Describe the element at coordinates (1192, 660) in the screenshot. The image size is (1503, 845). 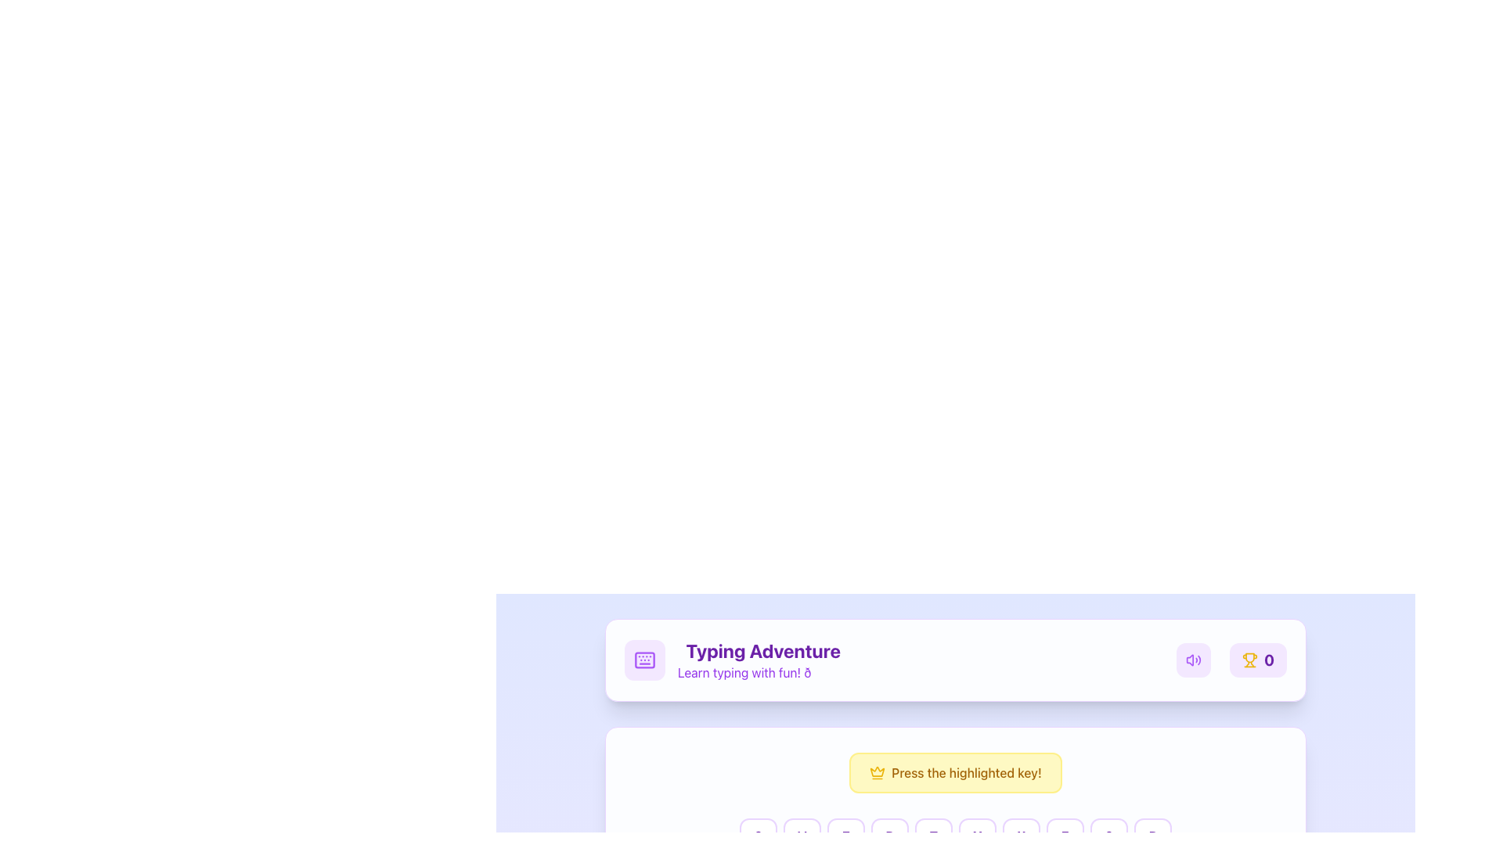
I see `the circular purple icon button representing a speaker with sound waves` at that location.